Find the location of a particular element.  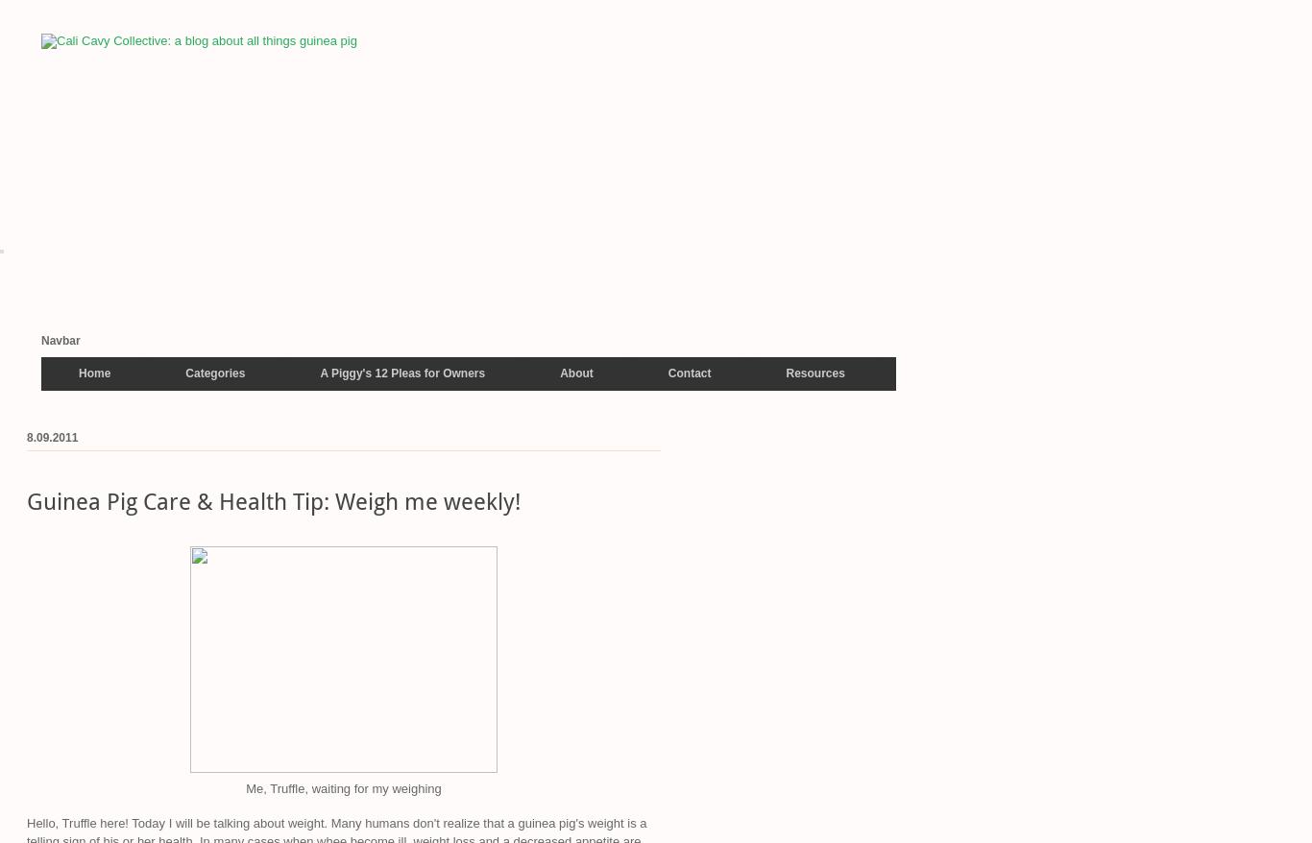

'A Piggy's 12 Pleas for Owners' is located at coordinates (401, 371).